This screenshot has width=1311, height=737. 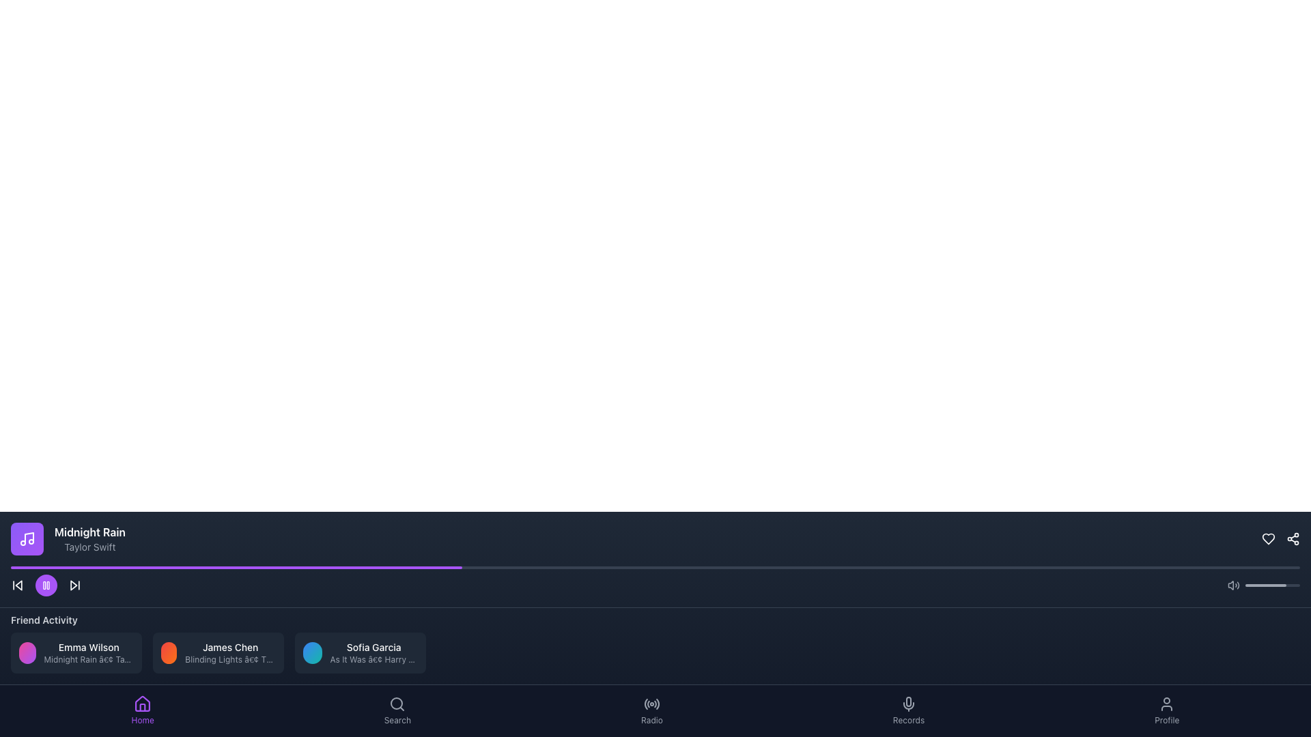 What do you see at coordinates (114, 568) in the screenshot?
I see `the progress bar` at bounding box center [114, 568].